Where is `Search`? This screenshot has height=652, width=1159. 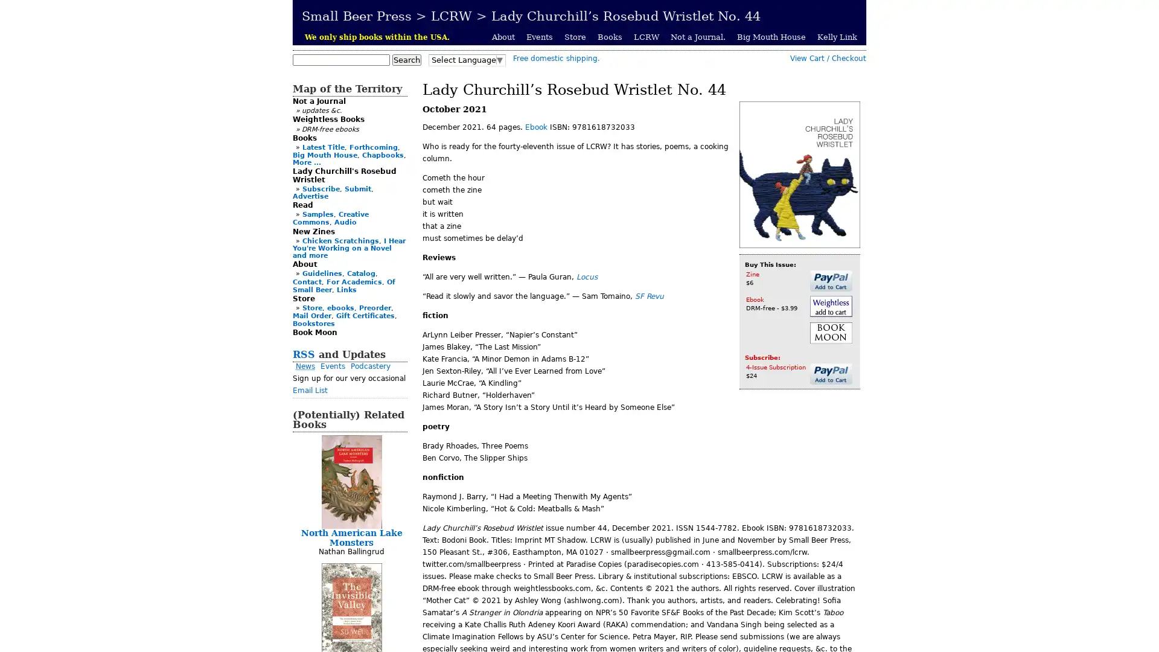
Search is located at coordinates (406, 60).